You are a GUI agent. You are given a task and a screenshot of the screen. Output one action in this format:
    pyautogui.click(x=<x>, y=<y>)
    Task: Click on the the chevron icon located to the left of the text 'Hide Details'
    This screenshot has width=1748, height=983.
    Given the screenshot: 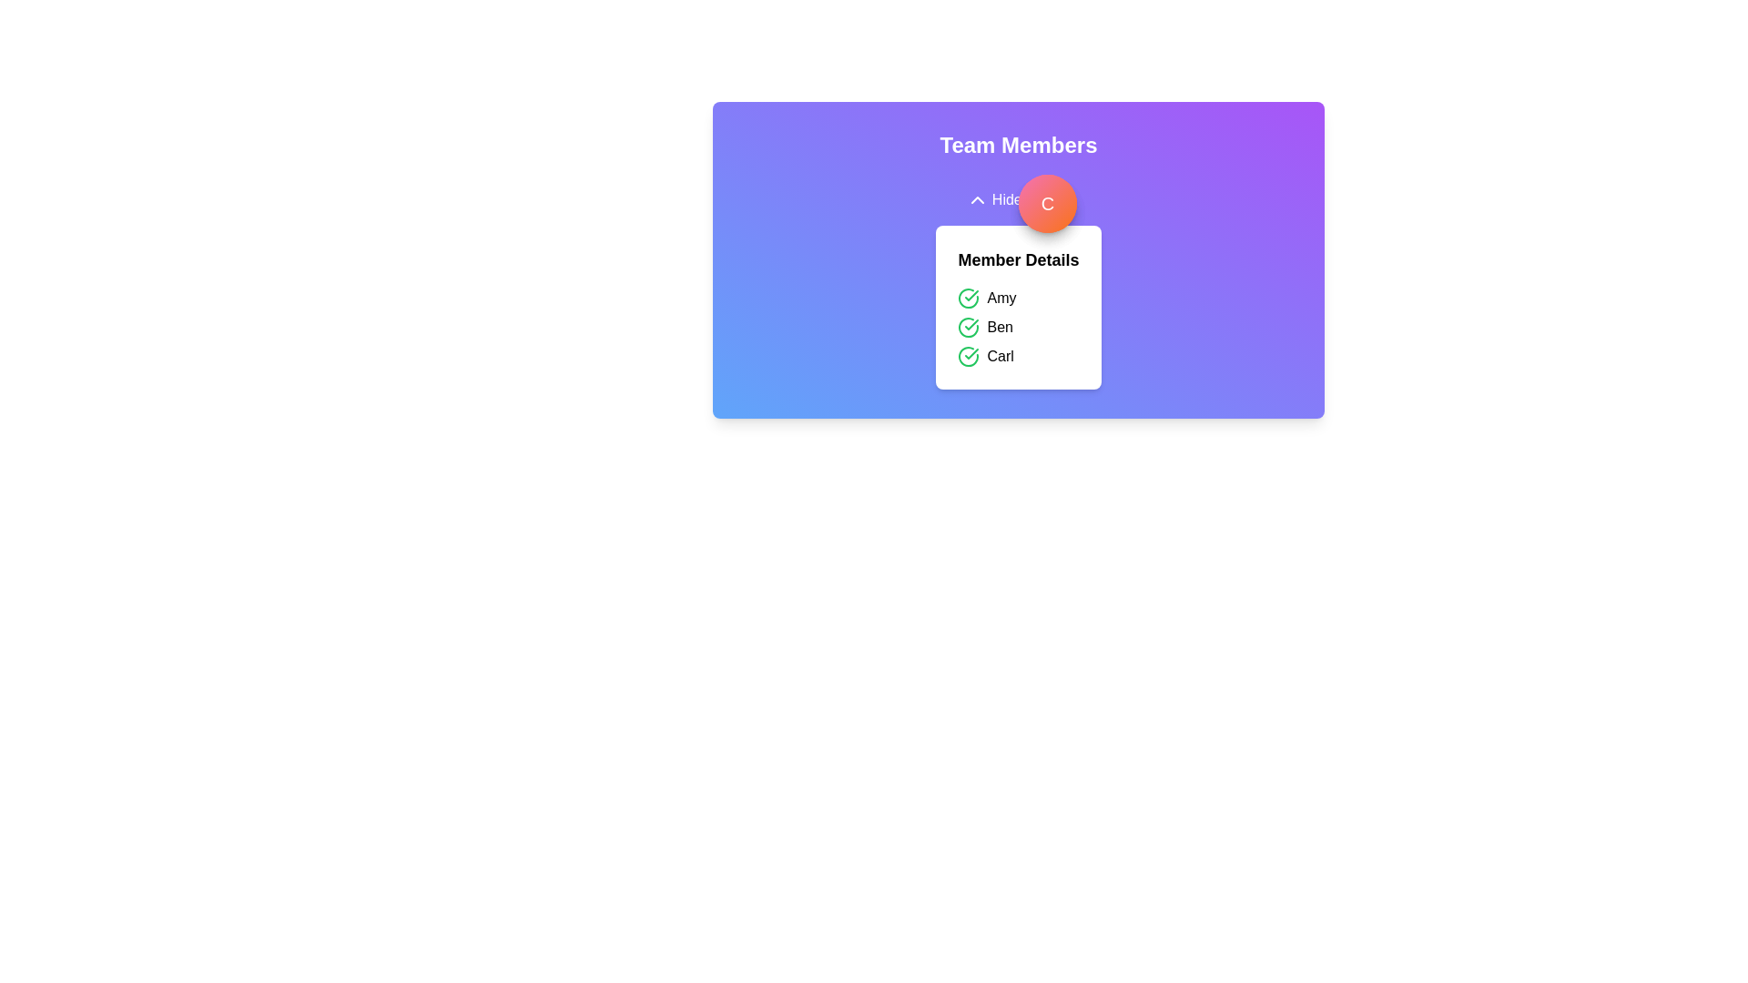 What is the action you would take?
    pyautogui.click(x=976, y=199)
    